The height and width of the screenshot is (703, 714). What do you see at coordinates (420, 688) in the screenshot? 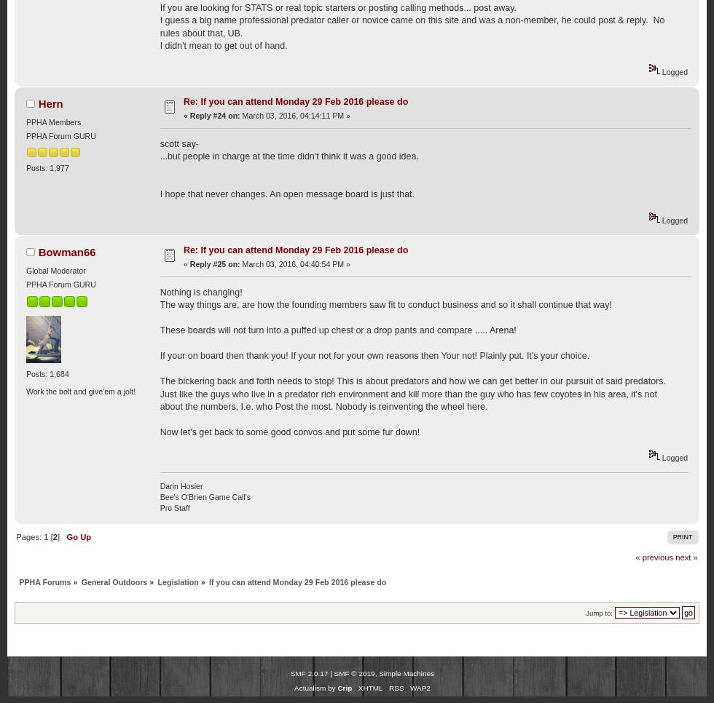
I see `'WAP2'` at bounding box center [420, 688].